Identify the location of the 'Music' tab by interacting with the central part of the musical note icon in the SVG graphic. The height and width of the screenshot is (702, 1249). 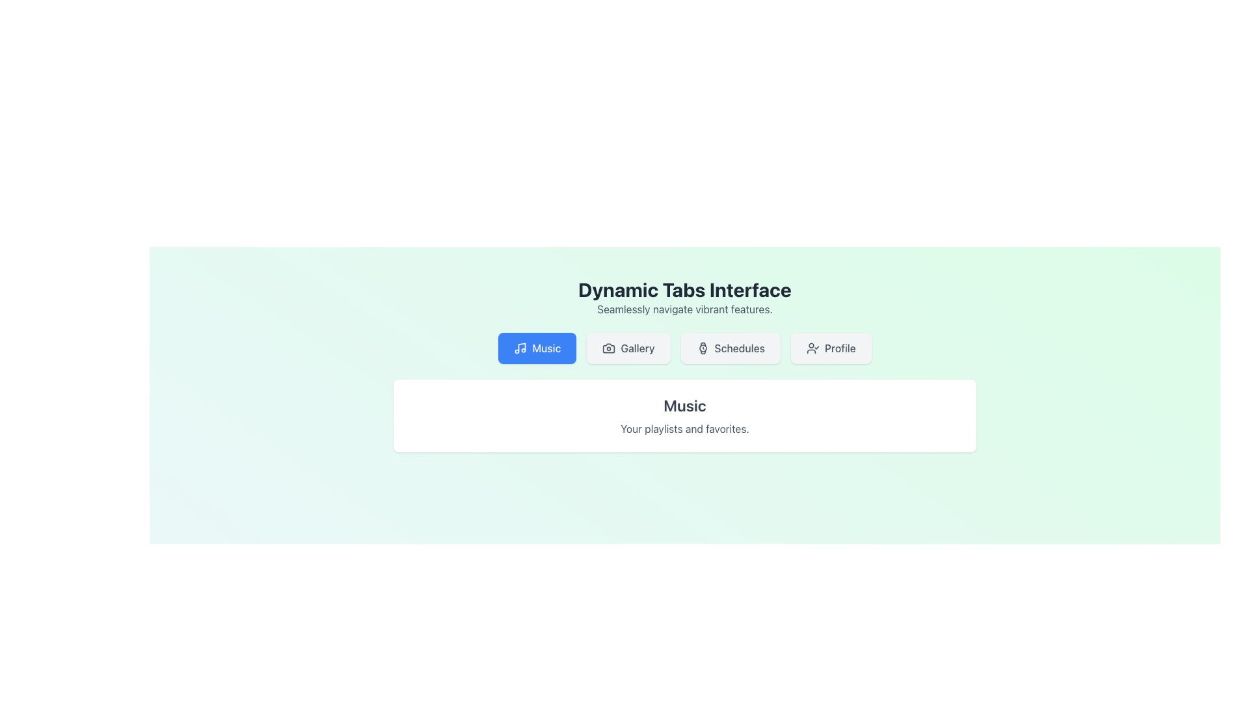
(522, 346).